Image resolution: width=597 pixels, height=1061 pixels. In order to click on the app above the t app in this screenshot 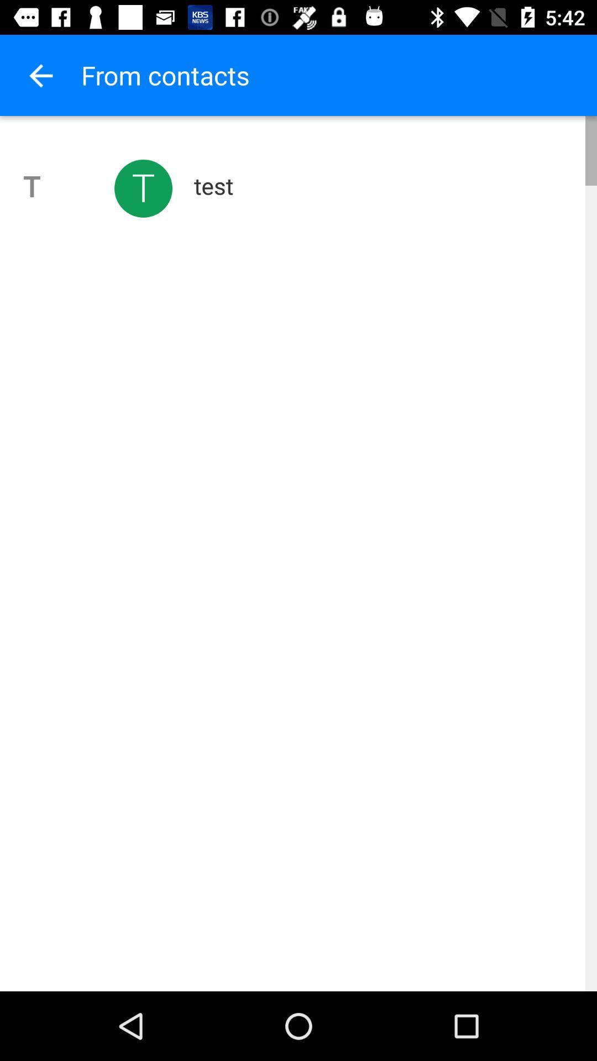, I will do `click(40, 75)`.